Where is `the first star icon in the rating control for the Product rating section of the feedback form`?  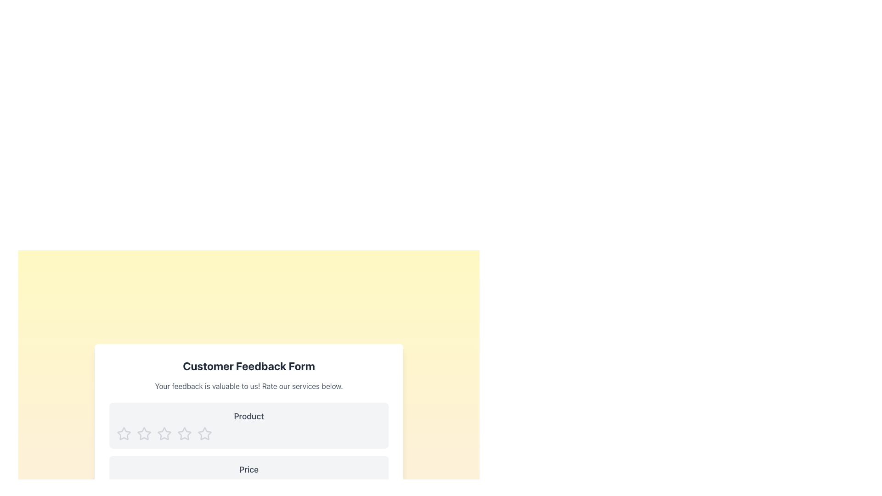
the first star icon in the rating control for the Product rating section of the feedback form is located at coordinates (123, 434).